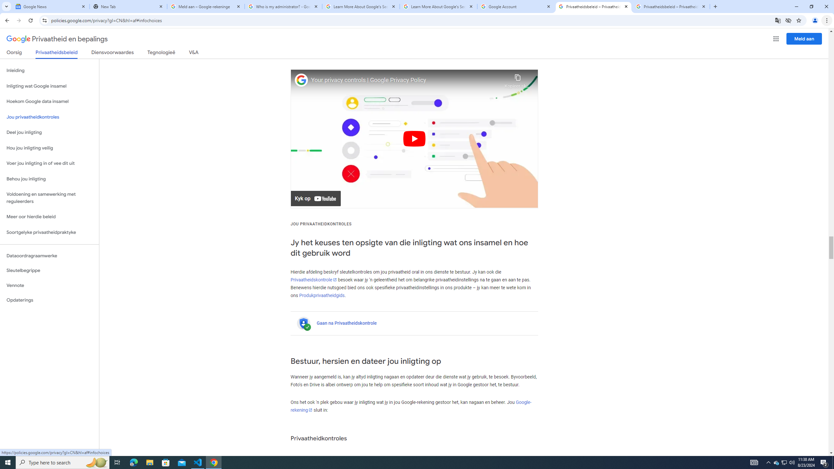 The width and height of the screenshot is (834, 469). Describe the element at coordinates (49, 86) in the screenshot. I see `'Inligting wat Google insamel'` at that location.